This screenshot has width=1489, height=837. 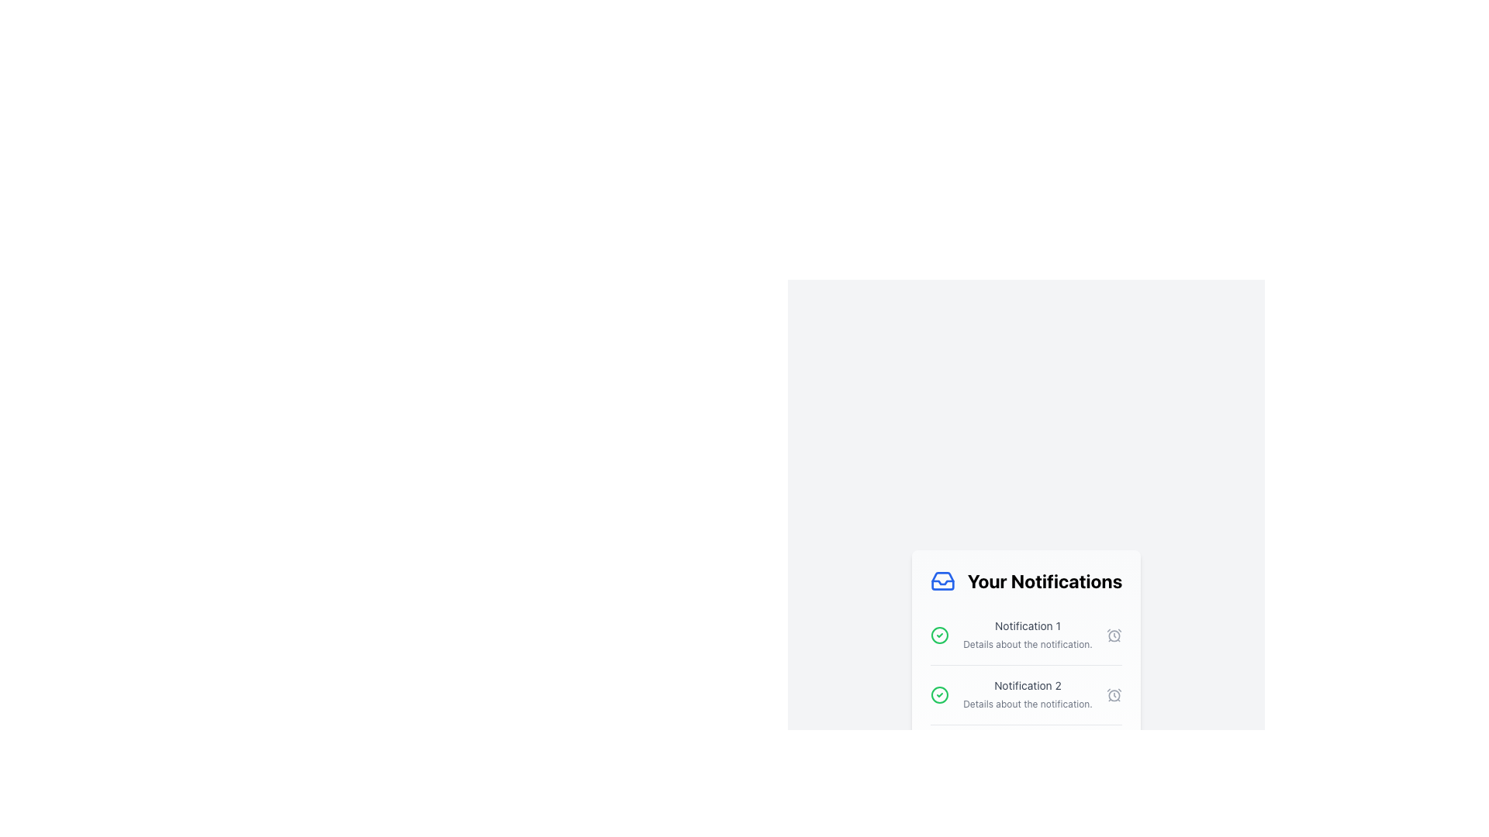 What do you see at coordinates (1028, 635) in the screenshot?
I see `text content of the first notification displayed in the Text Display Component located below the header 'Your Notifications', positioned between a green checkmark icon and a gear or clock icon` at bounding box center [1028, 635].